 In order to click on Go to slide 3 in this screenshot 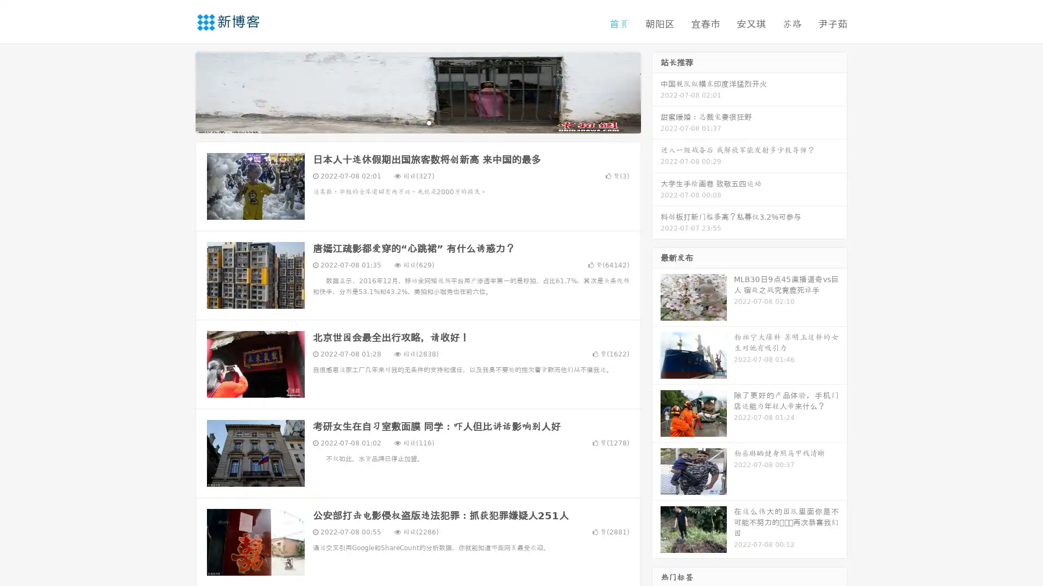, I will do `click(429, 122)`.